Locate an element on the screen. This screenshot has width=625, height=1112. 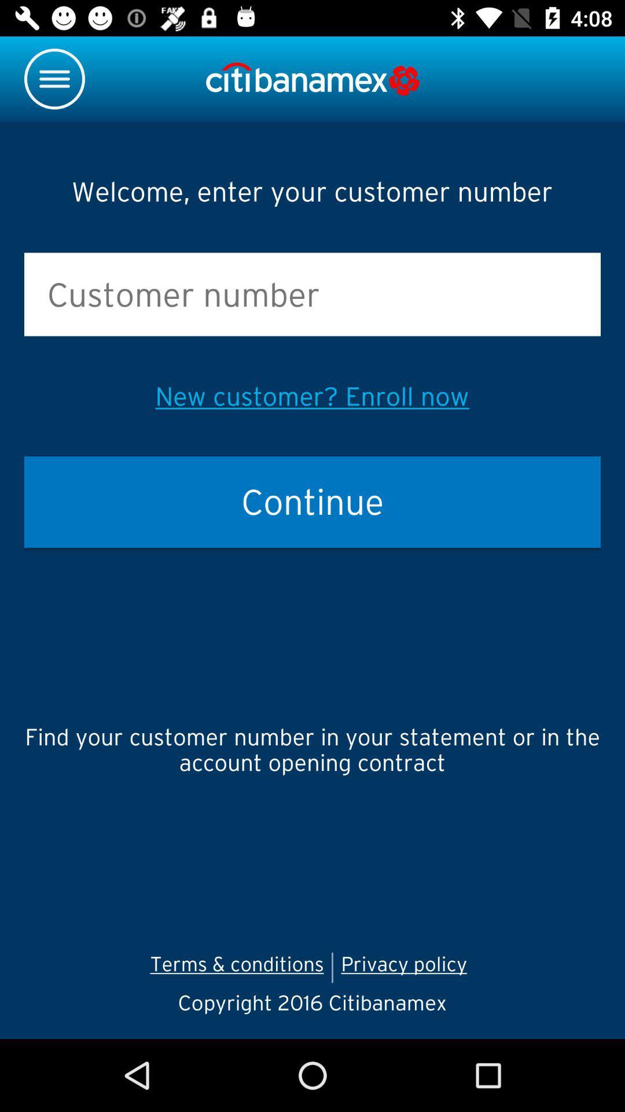
the icon above the continue item is located at coordinates (311, 396).